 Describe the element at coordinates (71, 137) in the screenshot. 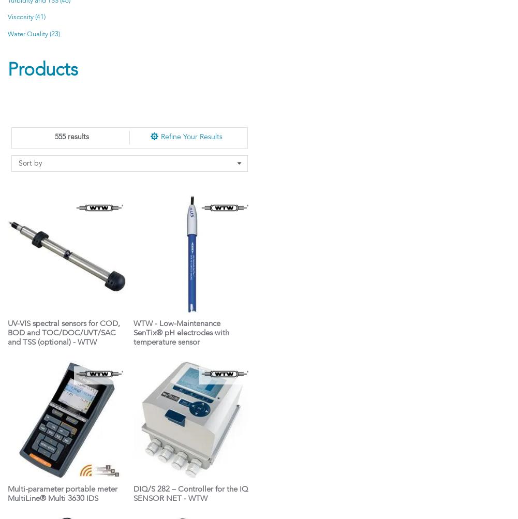

I see `'555 results'` at that location.